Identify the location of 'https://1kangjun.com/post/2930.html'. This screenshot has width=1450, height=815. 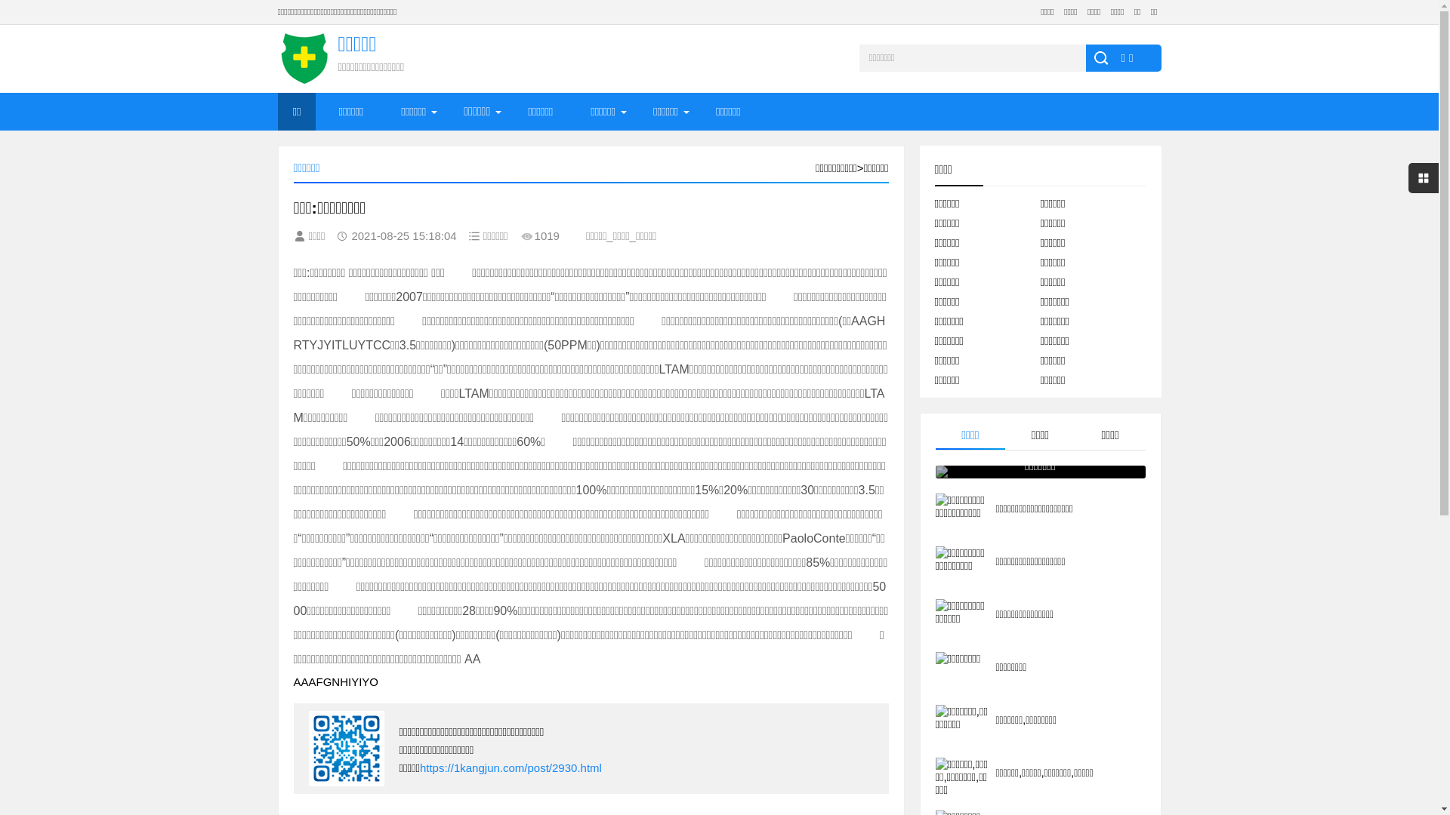
(511, 767).